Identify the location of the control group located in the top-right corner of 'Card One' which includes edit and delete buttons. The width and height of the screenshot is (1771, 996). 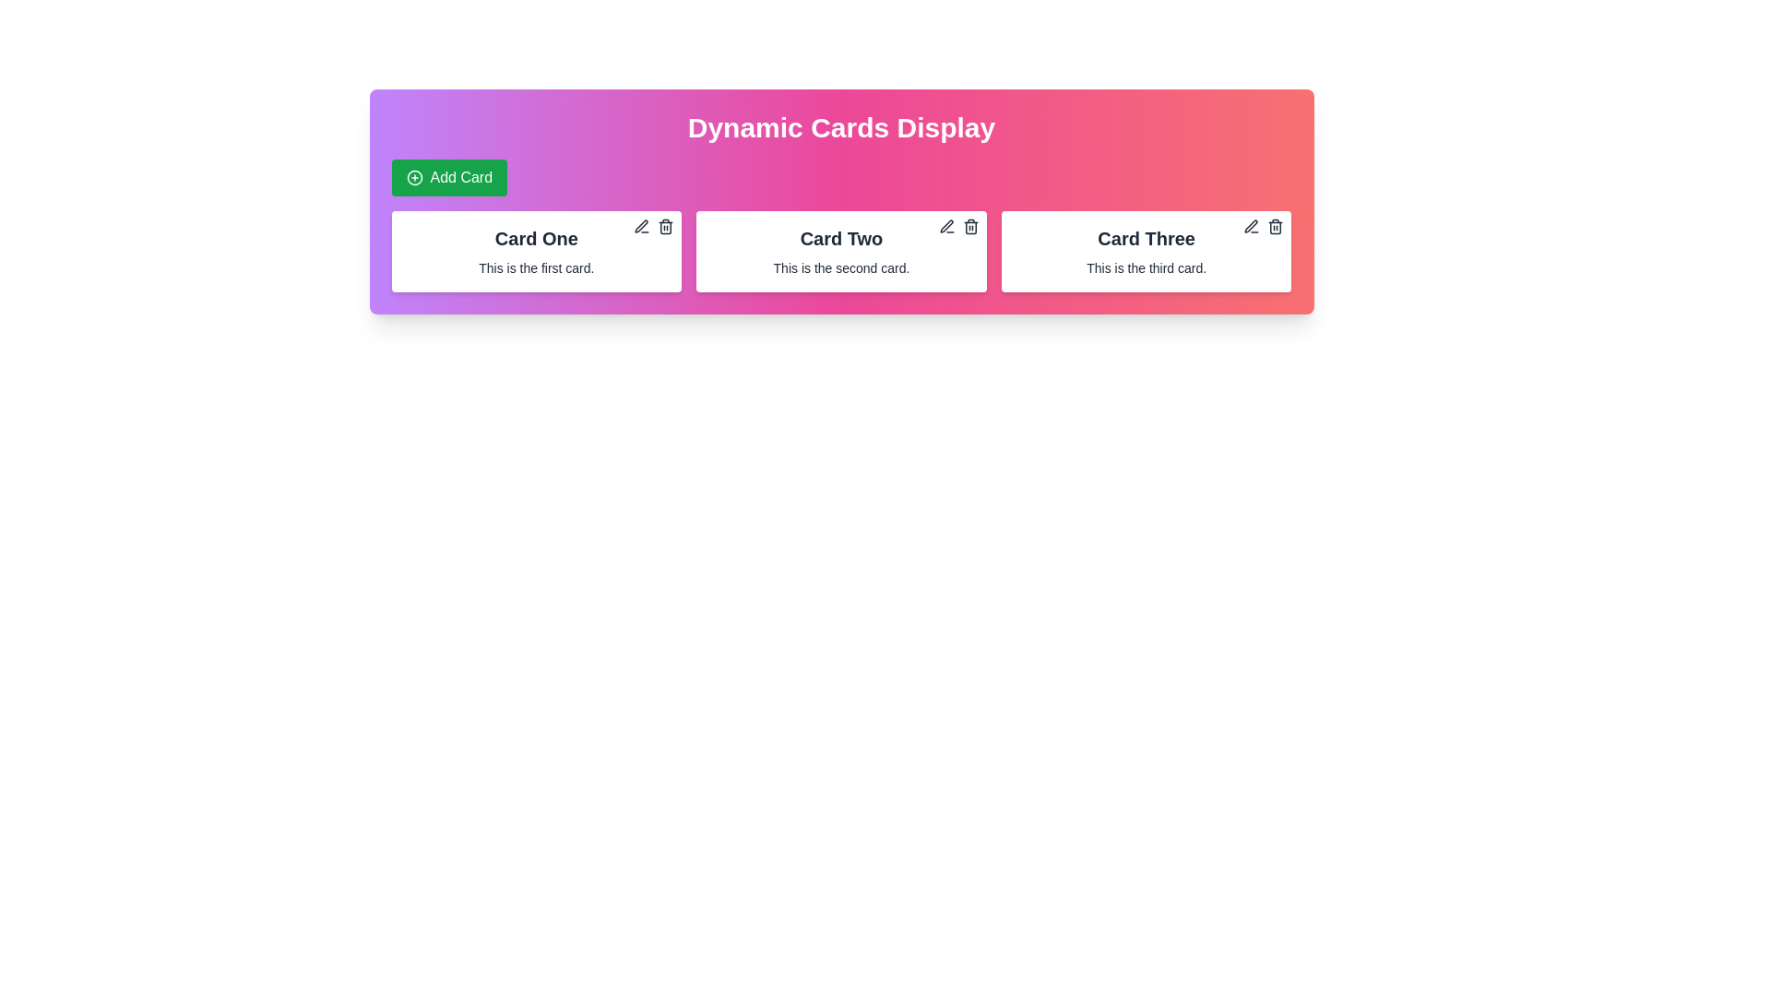
(654, 226).